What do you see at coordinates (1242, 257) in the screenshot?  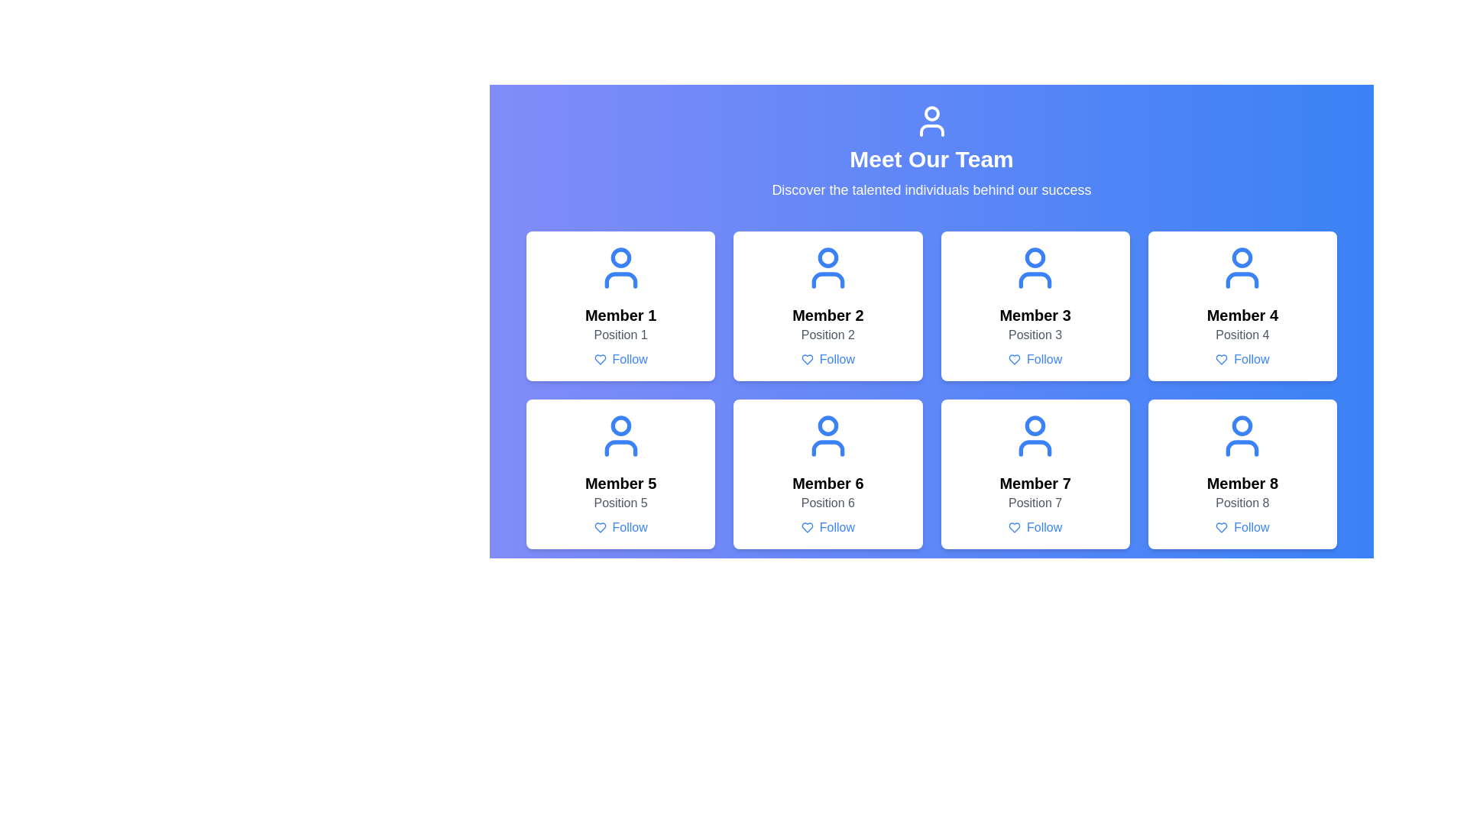 I see `the avatar icon representing 'Member 4' located in the second row, fourth column of the grid layout` at bounding box center [1242, 257].